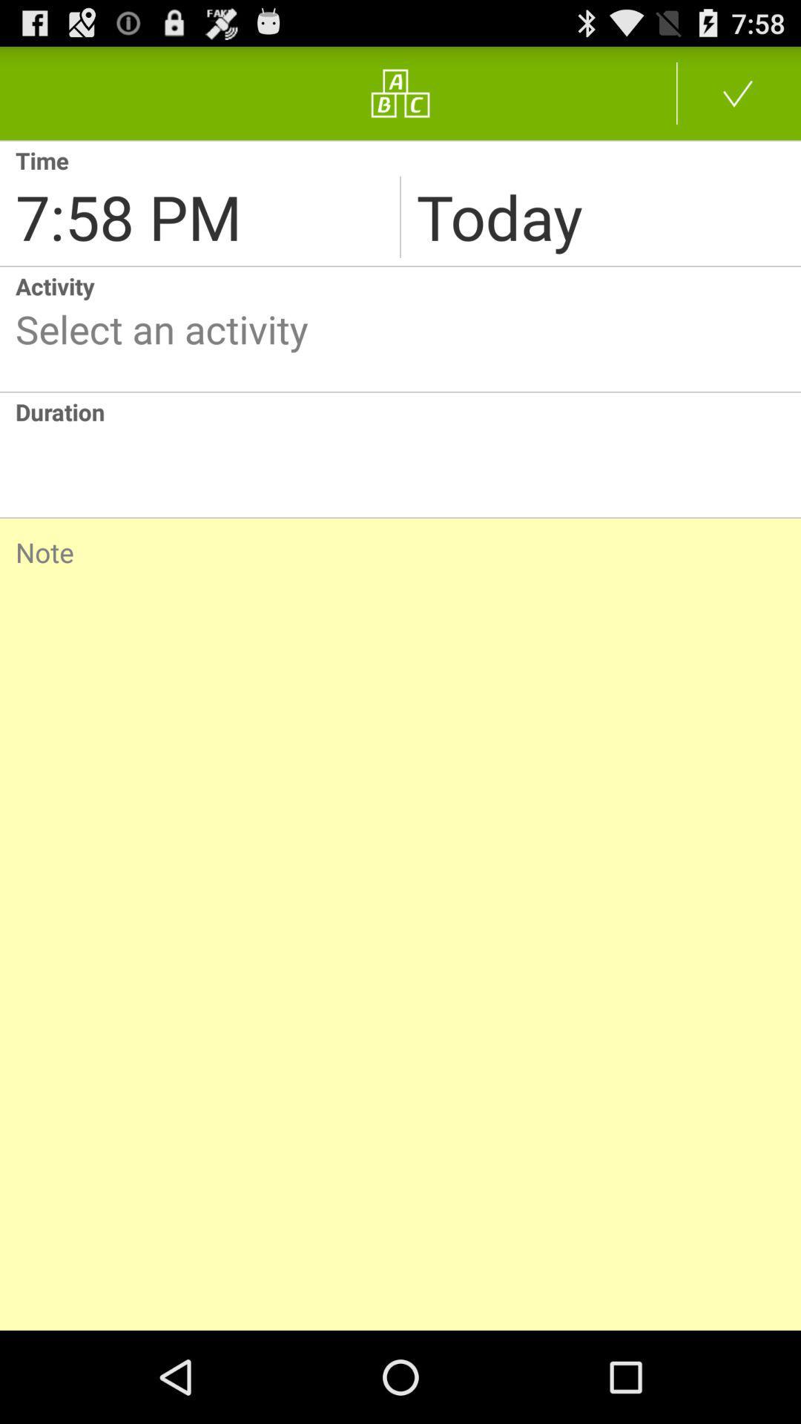 This screenshot has height=1424, width=801. I want to click on the check icon, so click(738, 99).